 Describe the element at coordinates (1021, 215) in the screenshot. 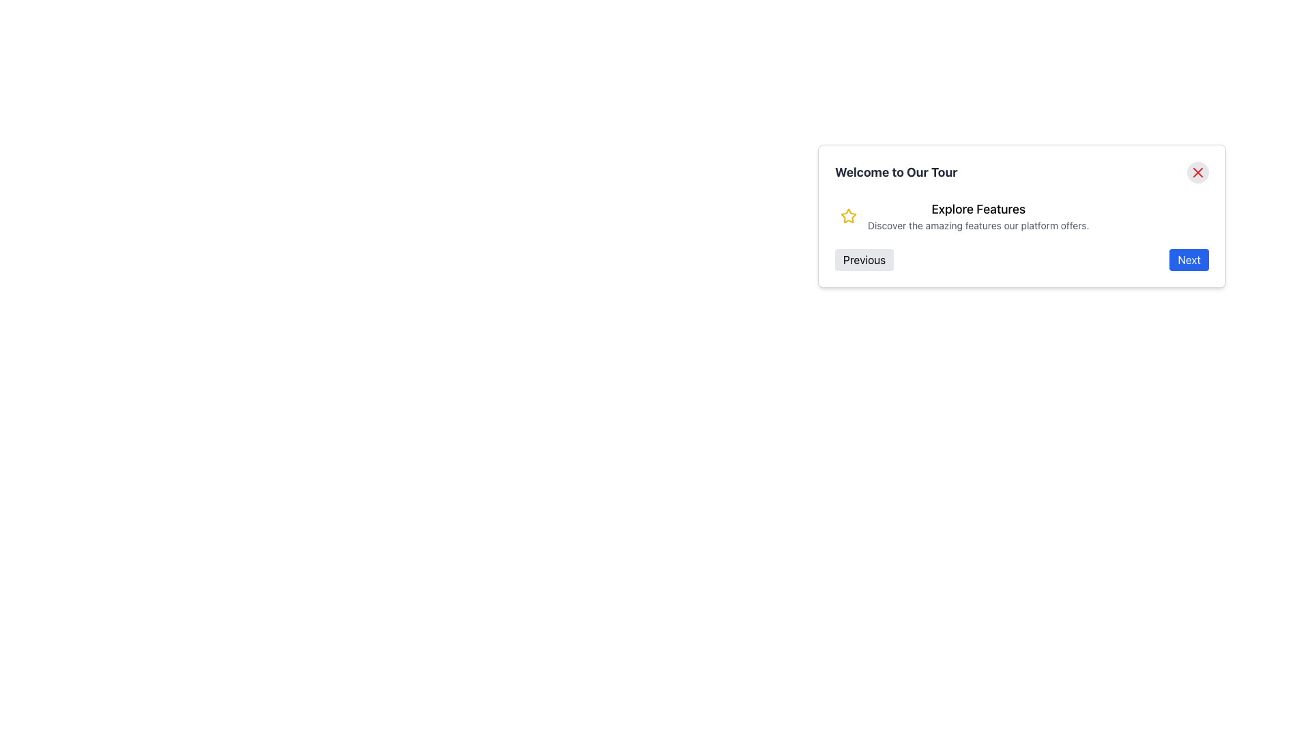

I see `the modal content block, which features a bold header 'Welcome to Our Tour', an icon and description 'Explore Features', and navigation buttons 'Previous' and 'Next'` at that location.